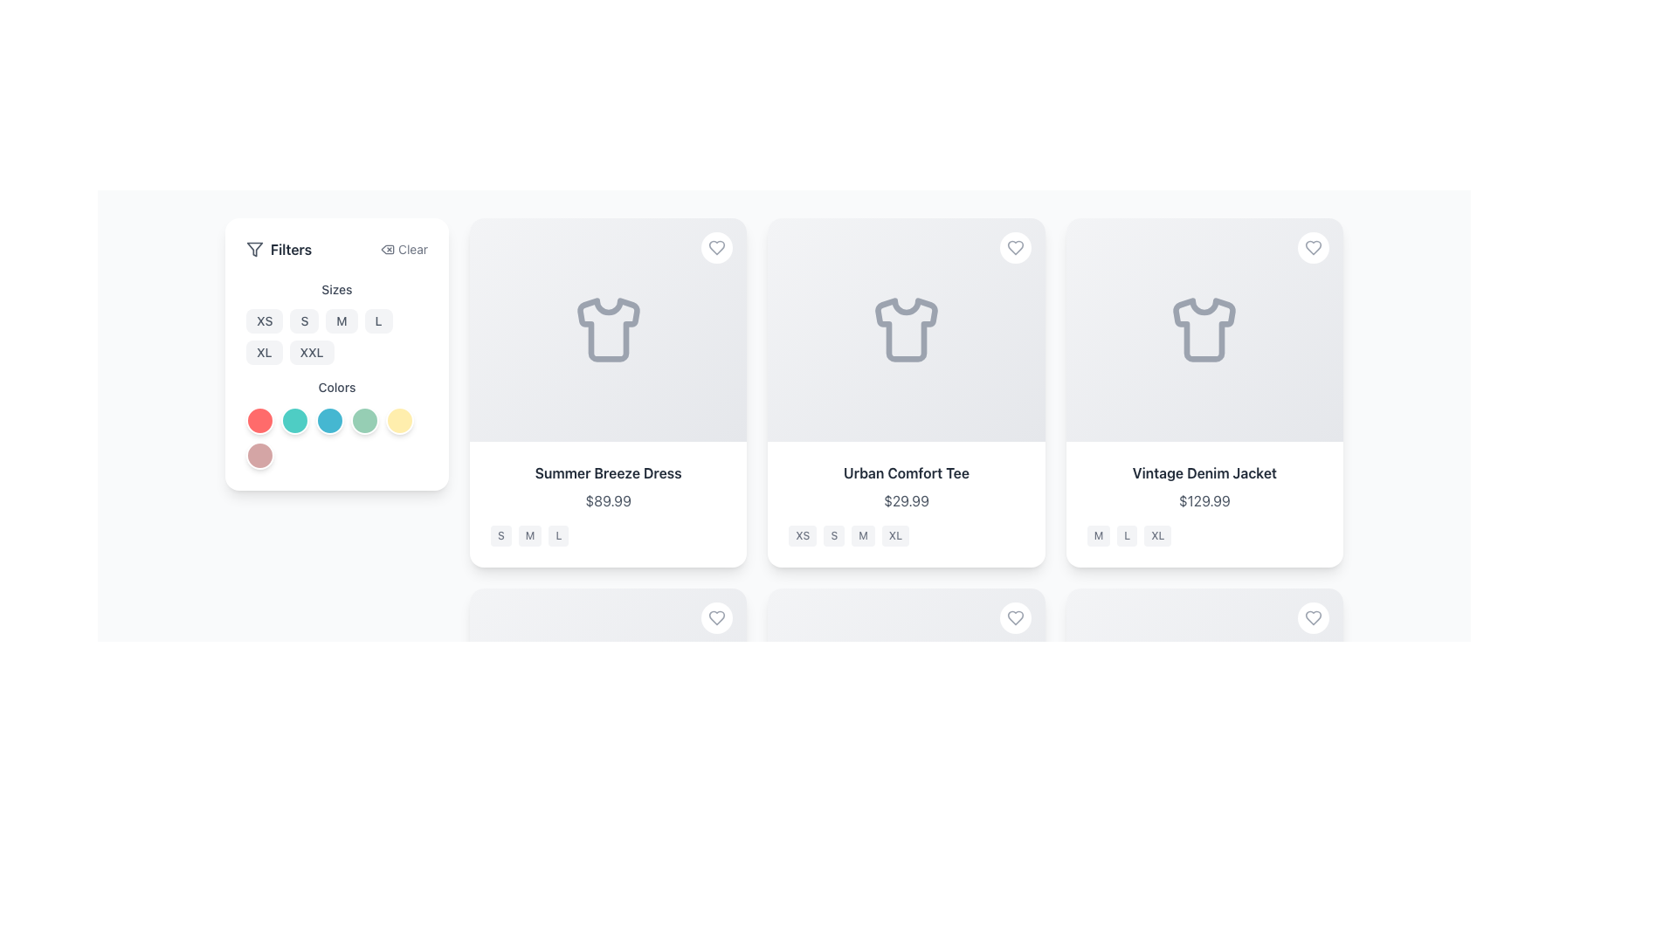 Image resolution: width=1677 pixels, height=943 pixels. Describe the element at coordinates (906, 473) in the screenshot. I see `the text label reading 'Urban Comfort Tee', which is styled in bold gray font and located above the price '$29.99' on the product card` at that location.